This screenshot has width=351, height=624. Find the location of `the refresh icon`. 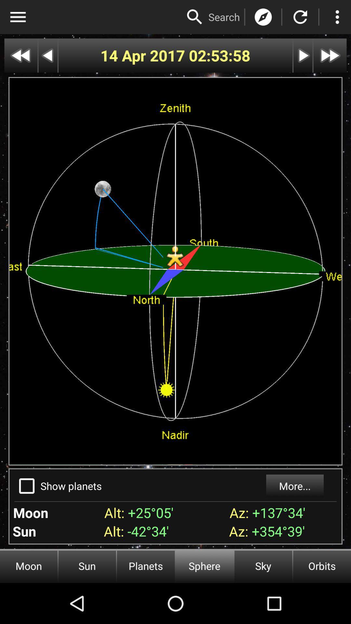

the refresh icon is located at coordinates (300, 17).